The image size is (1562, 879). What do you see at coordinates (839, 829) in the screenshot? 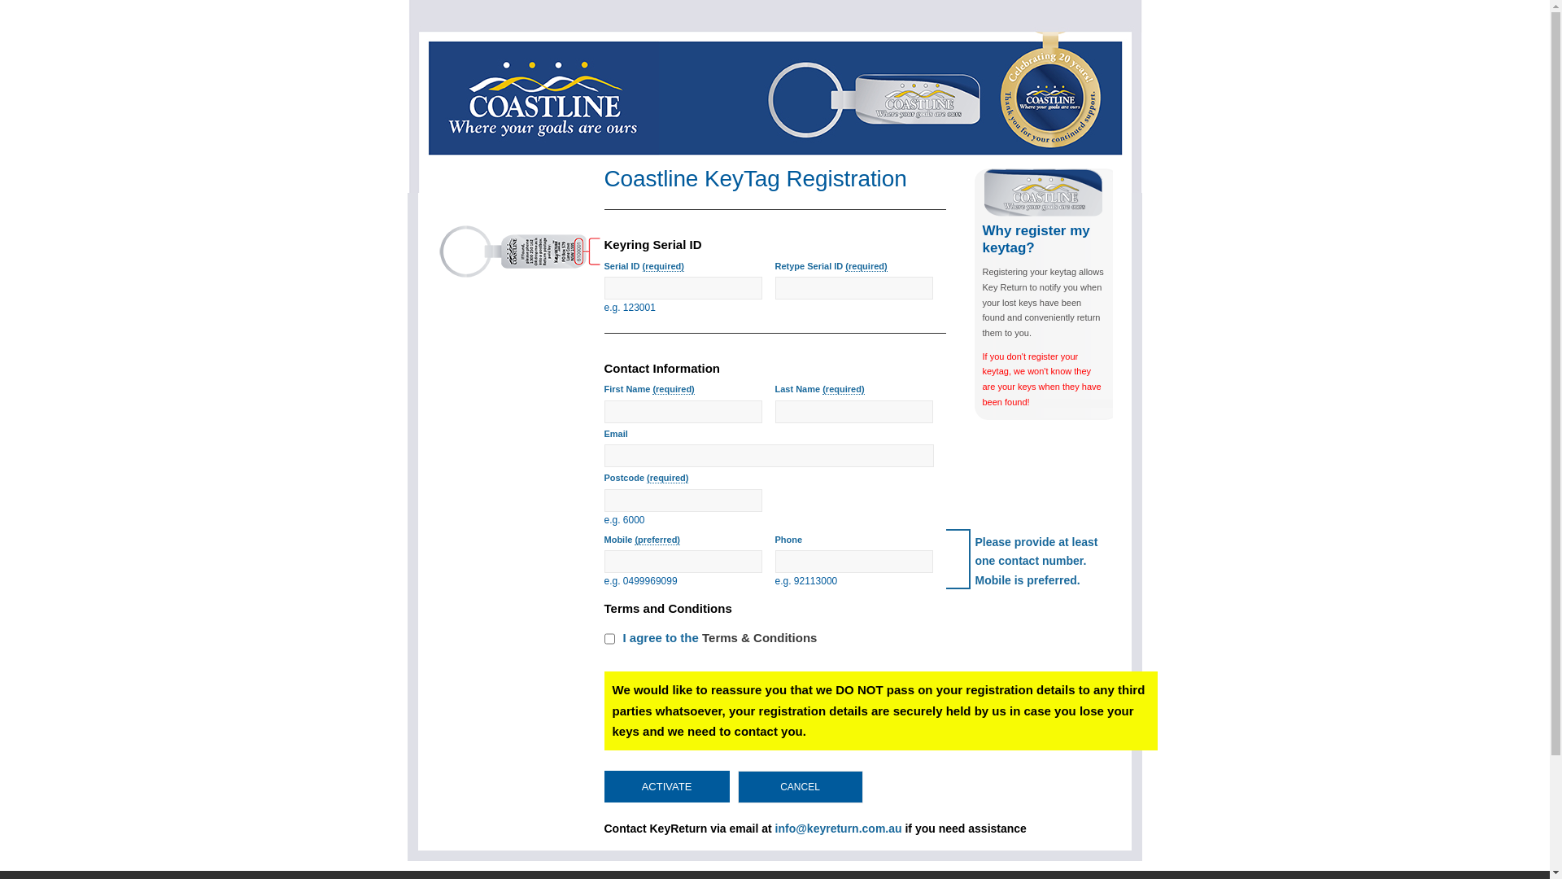
I see `'info@keyreturn.com.au'` at bounding box center [839, 829].